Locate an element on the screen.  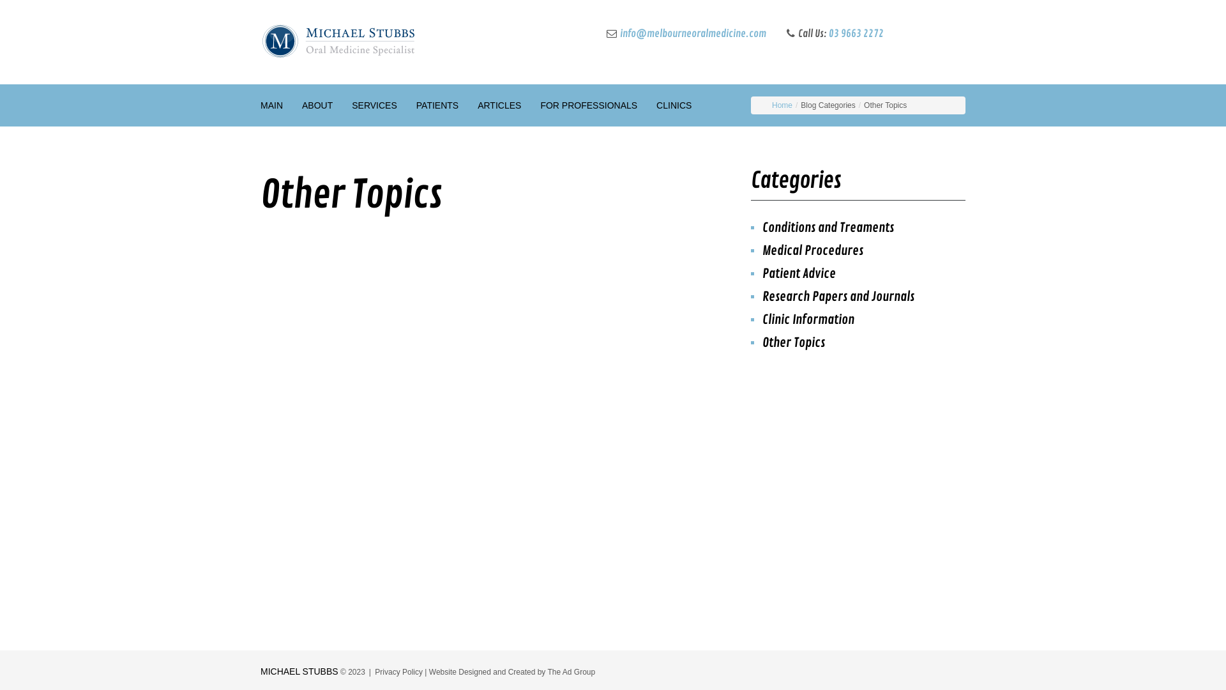
'Research Papers and Journals' is located at coordinates (838, 296).